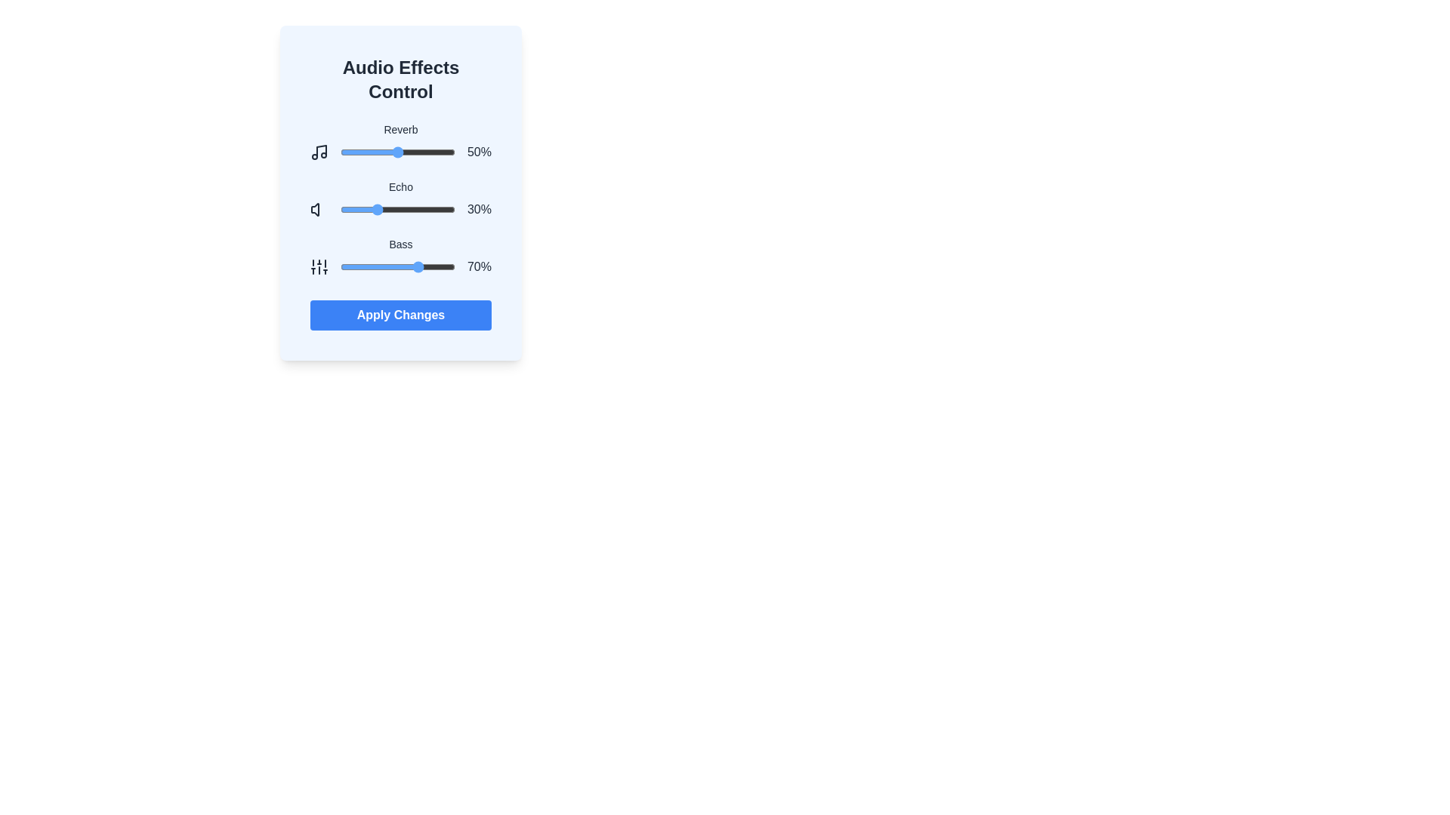  Describe the element at coordinates (427, 266) in the screenshot. I see `bass` at that location.